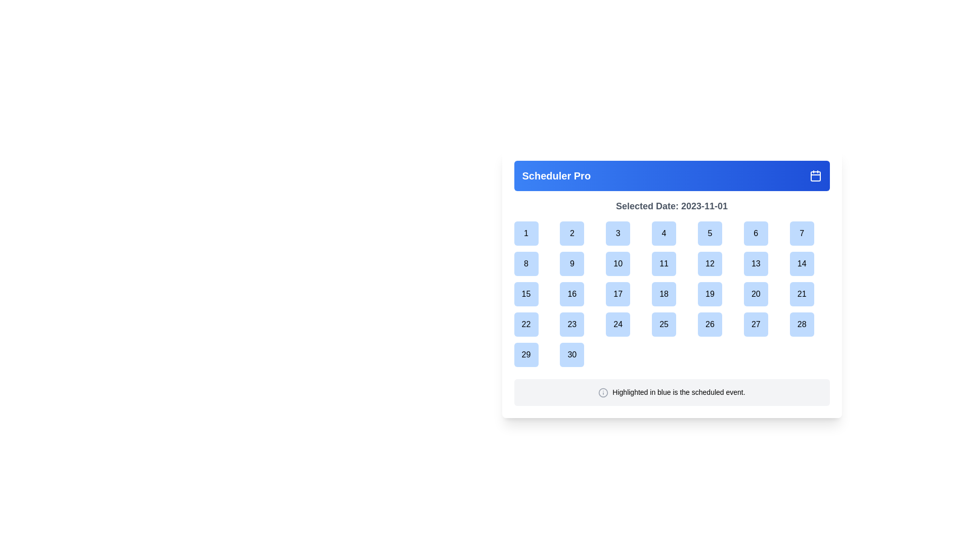 The image size is (971, 546). I want to click on the circular blue button with the text '15', so click(526, 294).